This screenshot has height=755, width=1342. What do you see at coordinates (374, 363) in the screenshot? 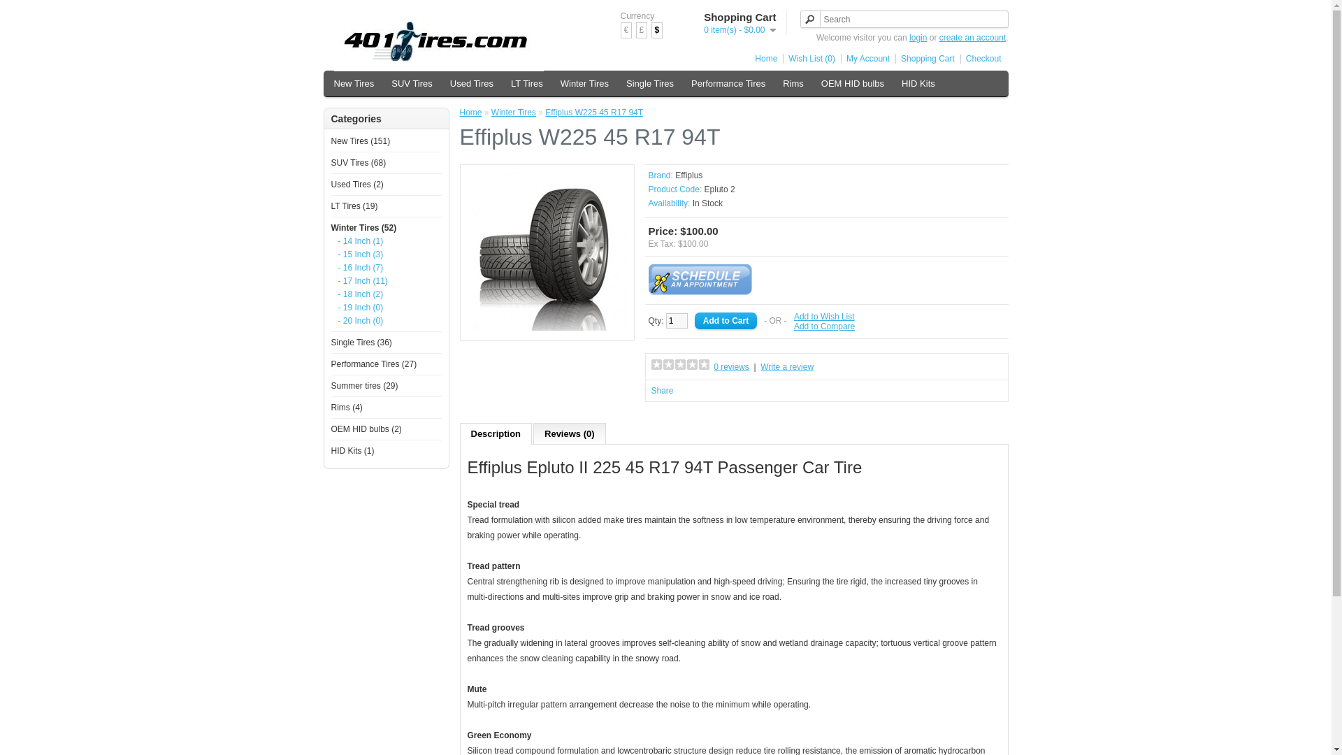
I see `'Performance Tires (27)'` at bounding box center [374, 363].